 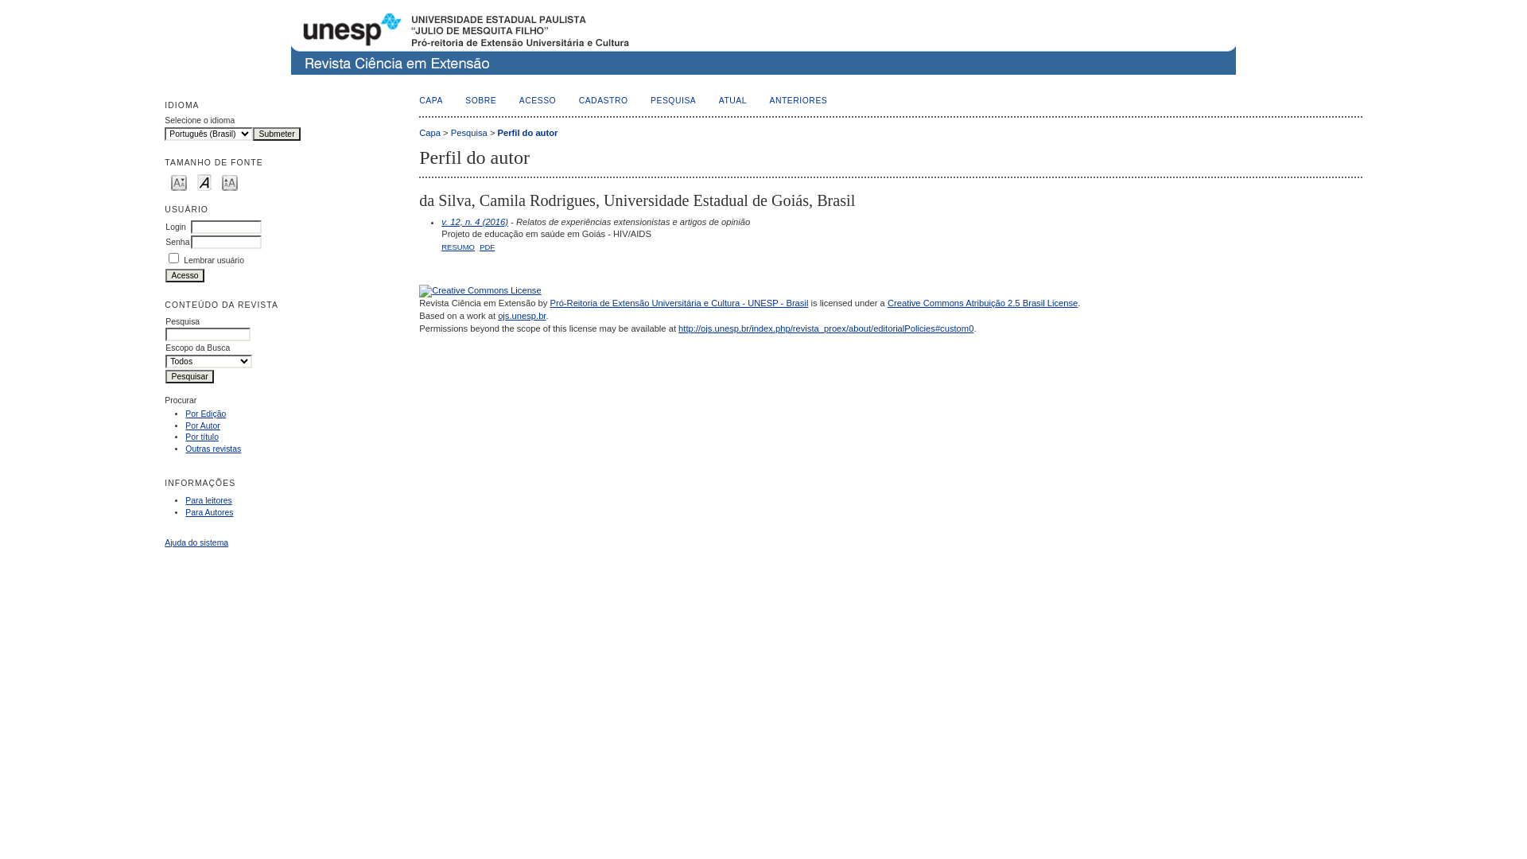 What do you see at coordinates (486, 247) in the screenshot?
I see `'PDF'` at bounding box center [486, 247].